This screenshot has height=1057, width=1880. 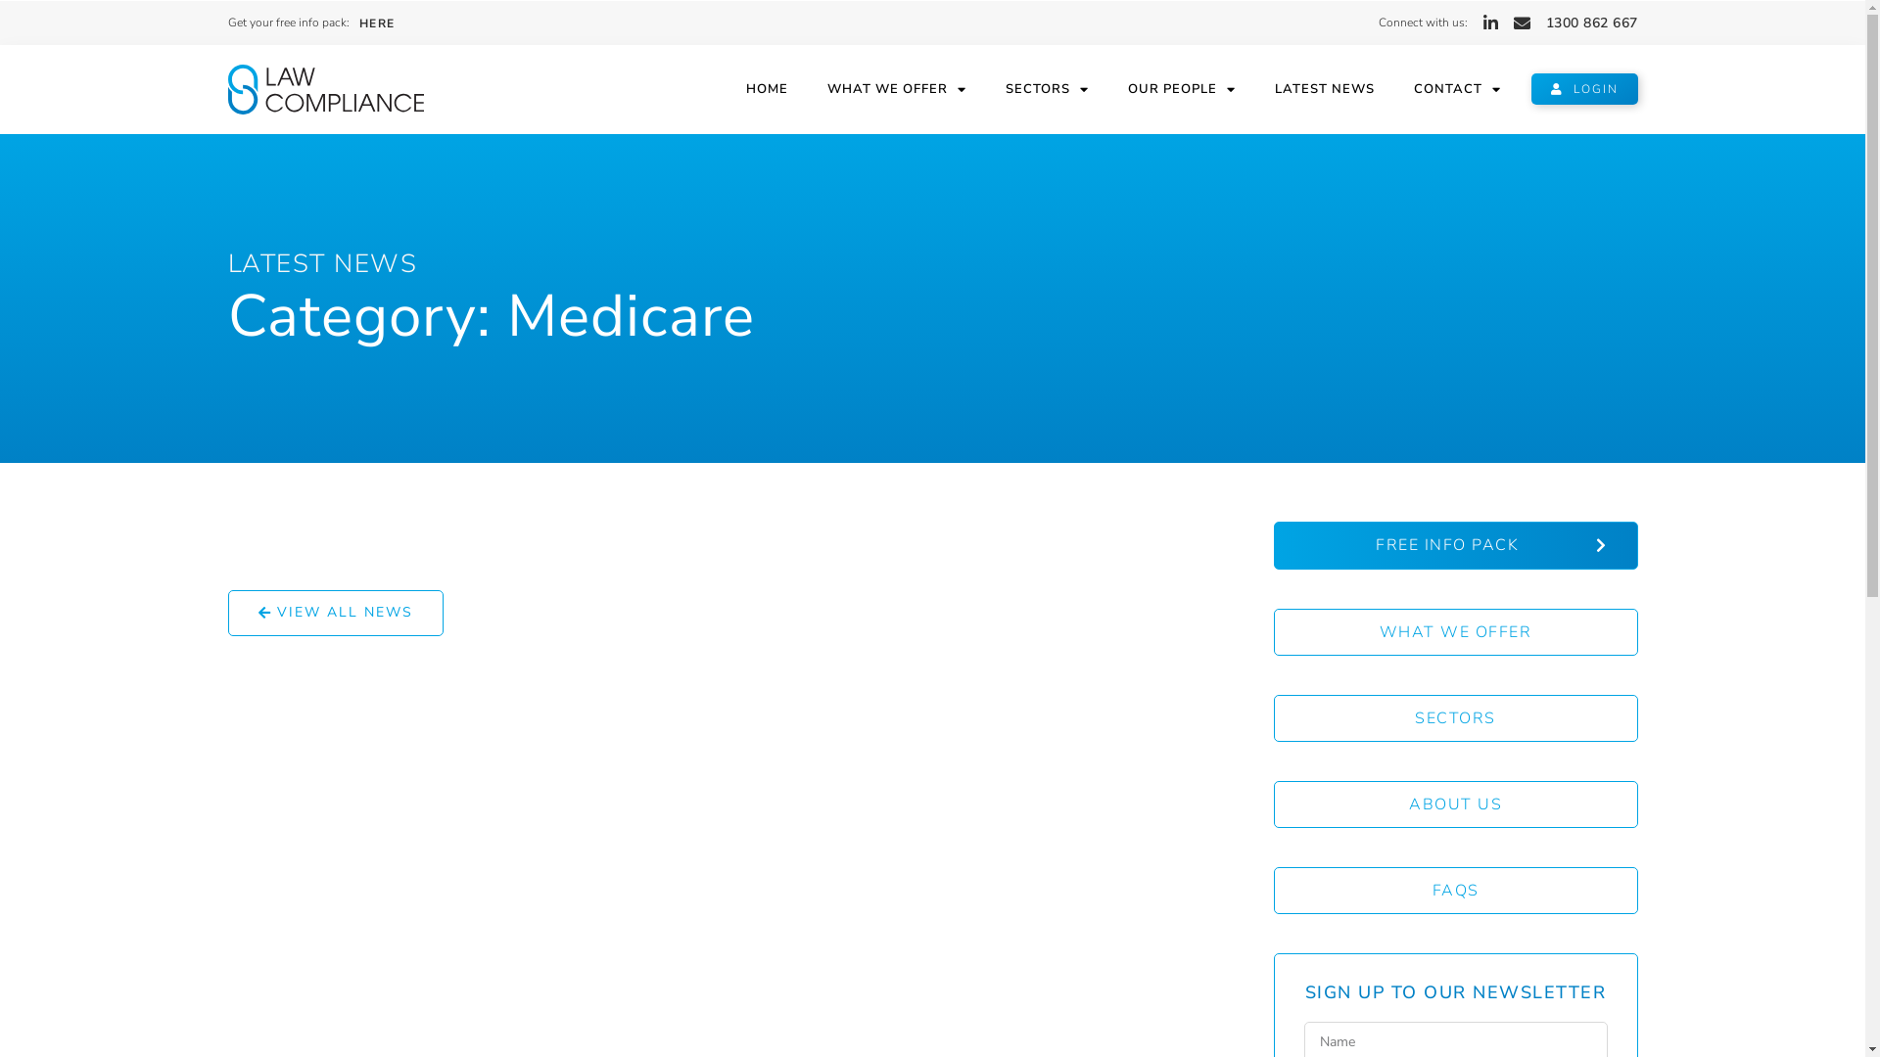 What do you see at coordinates (1455, 545) in the screenshot?
I see `'FREE INFO PACK'` at bounding box center [1455, 545].